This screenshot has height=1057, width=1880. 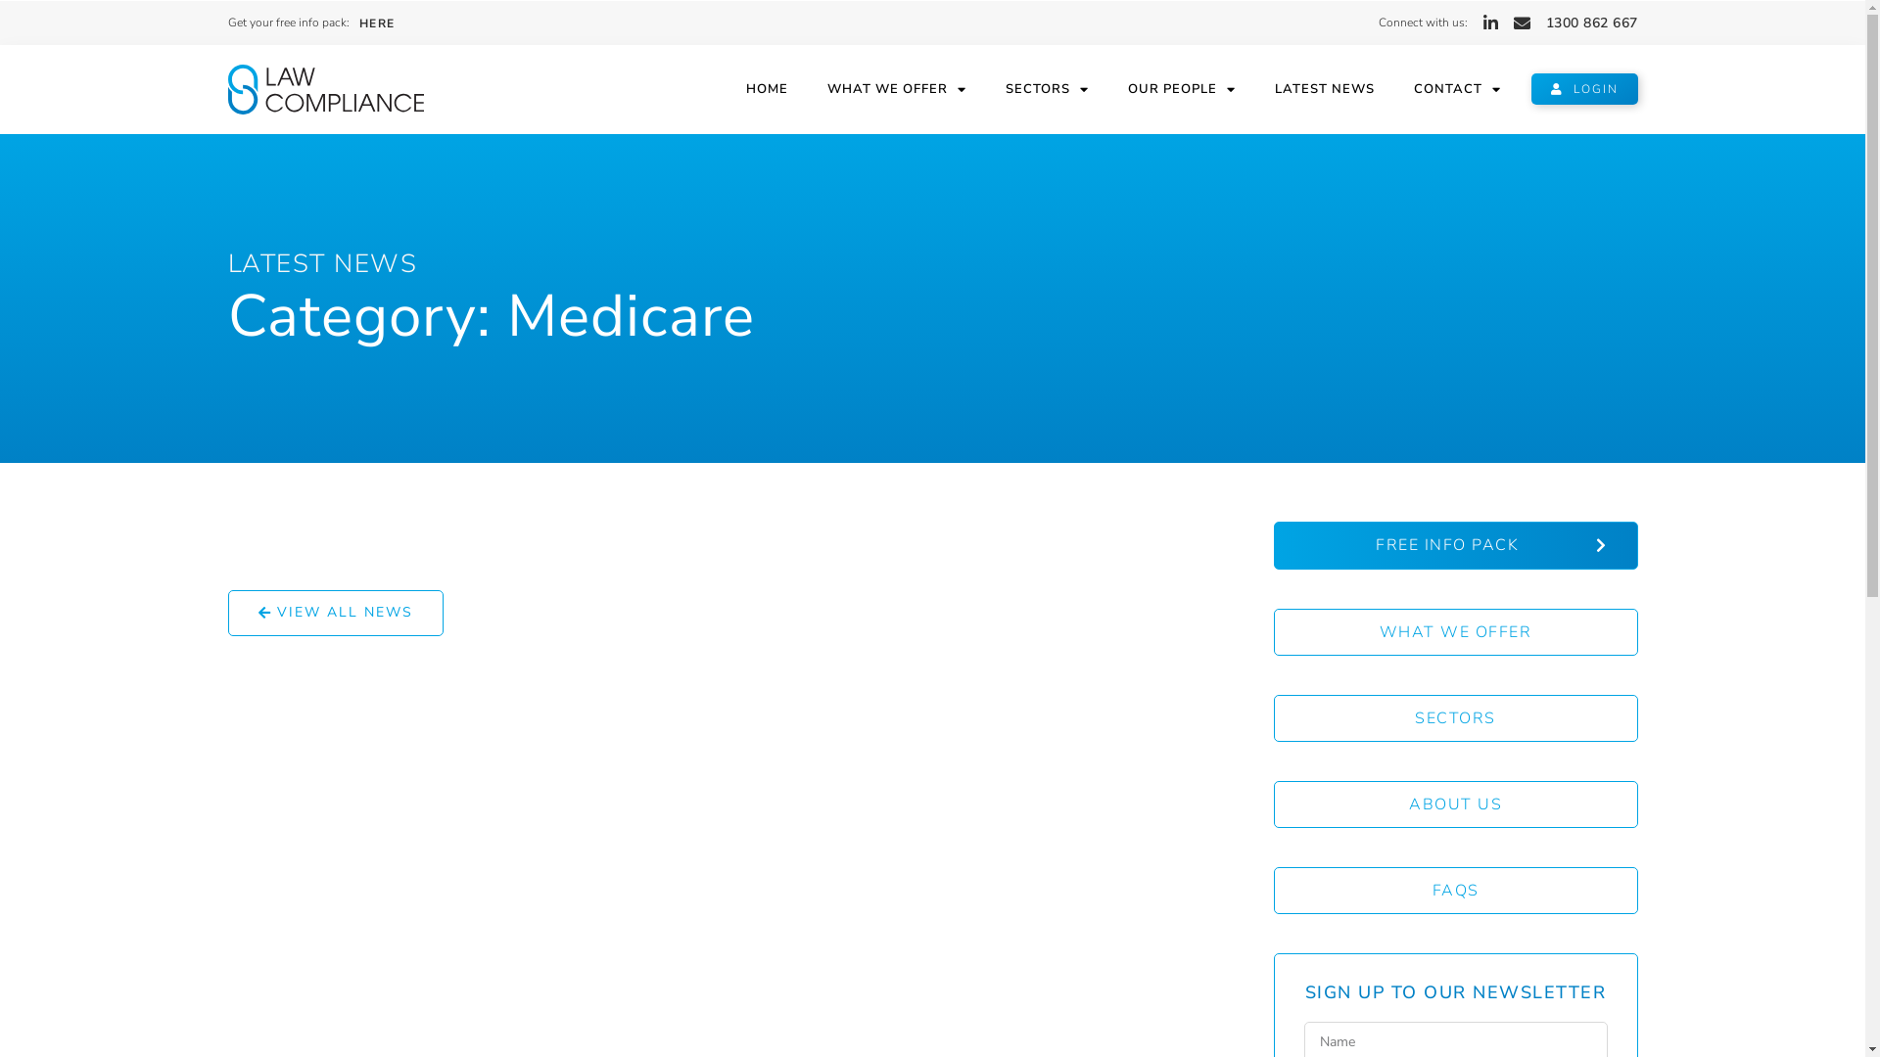 What do you see at coordinates (1455, 545) in the screenshot?
I see `'FREE INFO PACK'` at bounding box center [1455, 545].